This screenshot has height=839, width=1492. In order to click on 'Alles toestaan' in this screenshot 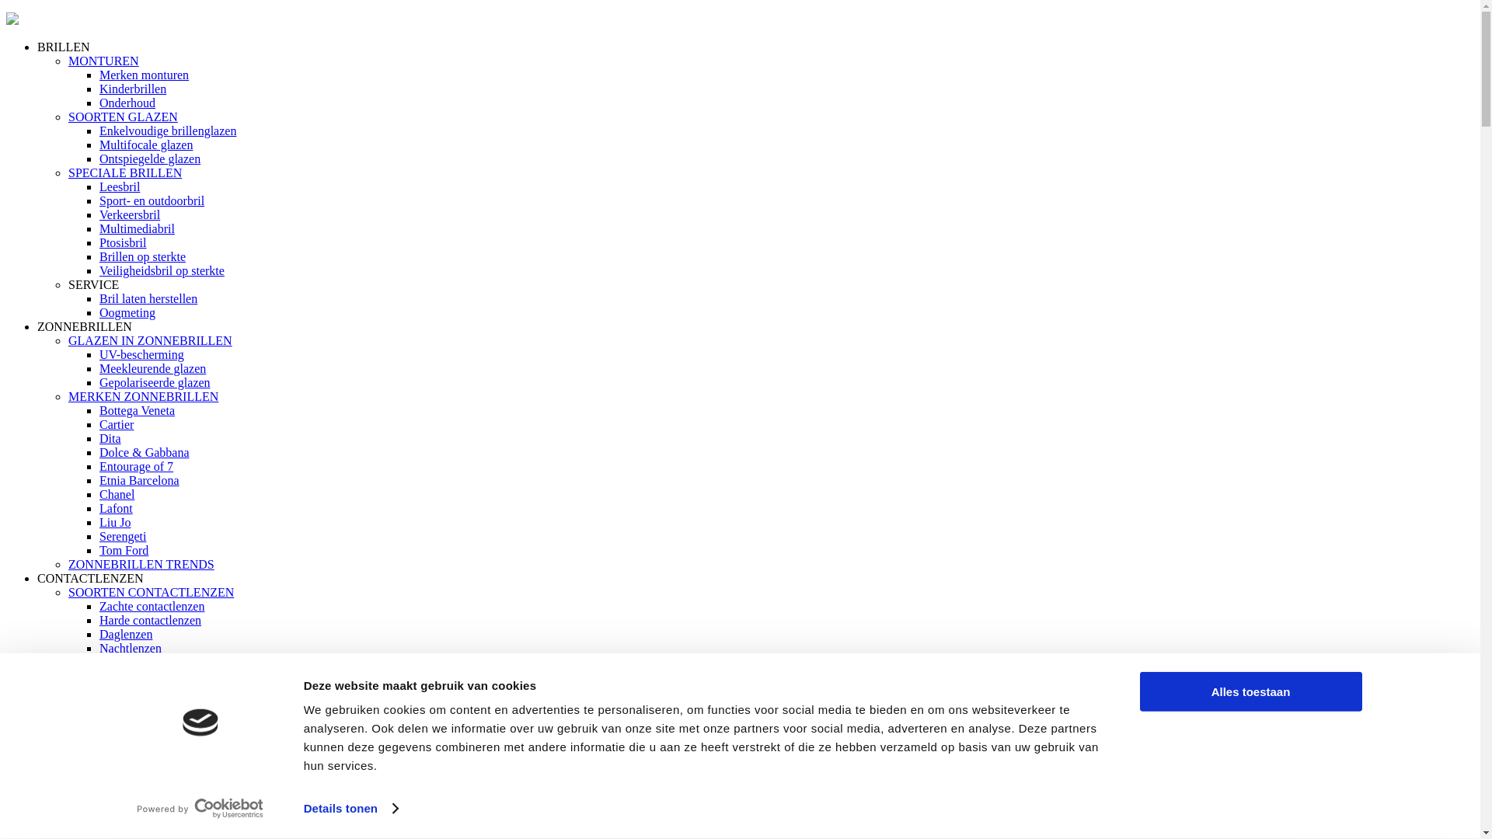, I will do `click(1138, 691)`.